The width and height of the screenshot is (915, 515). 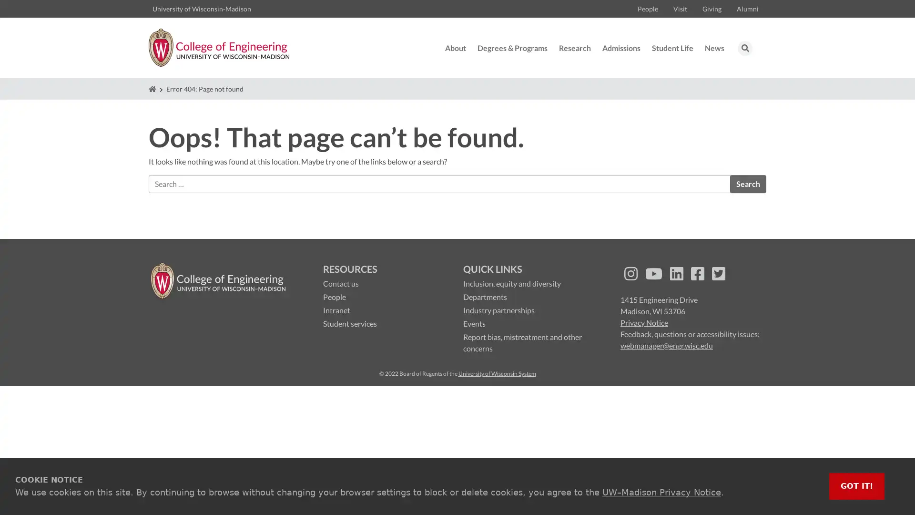 What do you see at coordinates (747, 184) in the screenshot?
I see `Search` at bounding box center [747, 184].